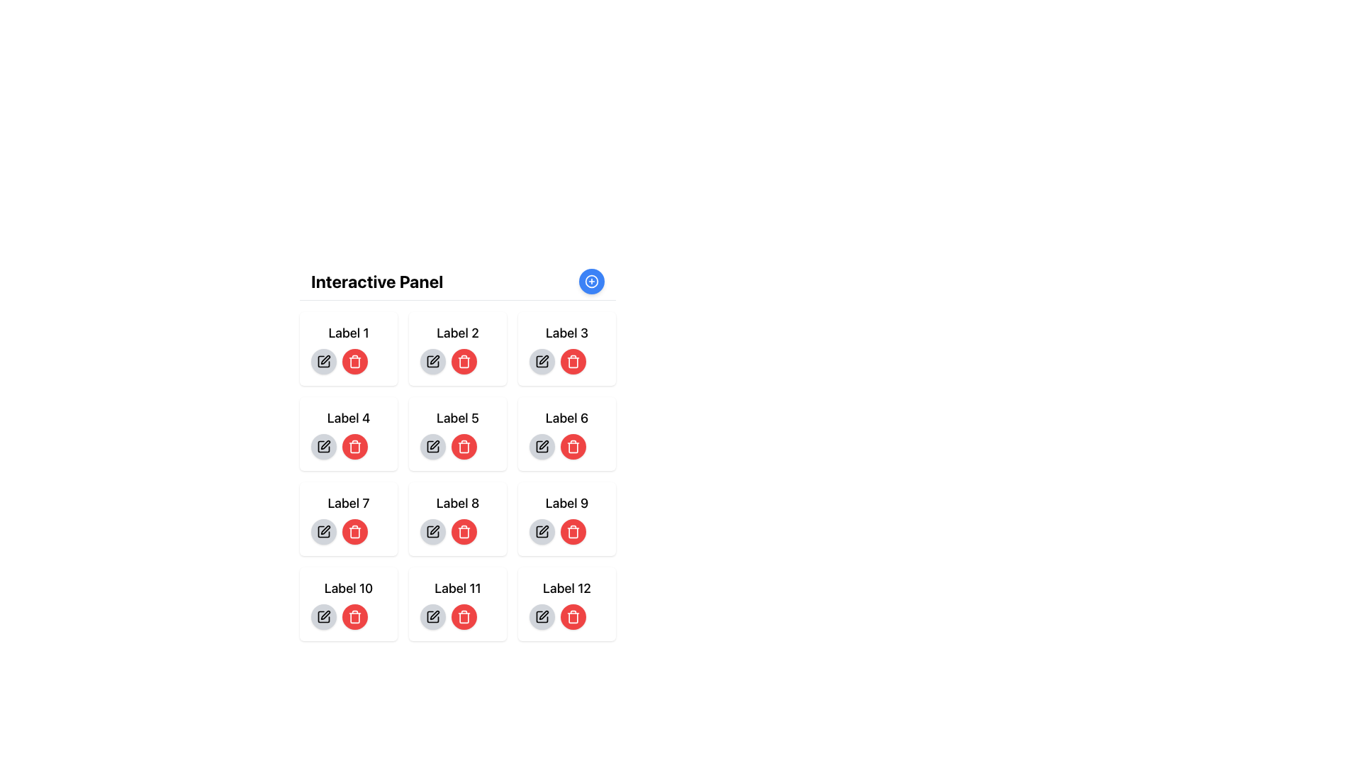 This screenshot has height=766, width=1361. I want to click on the trash bin icon with a red circular background associated with 'Label 8' to initiate a delete action, so click(354, 360).